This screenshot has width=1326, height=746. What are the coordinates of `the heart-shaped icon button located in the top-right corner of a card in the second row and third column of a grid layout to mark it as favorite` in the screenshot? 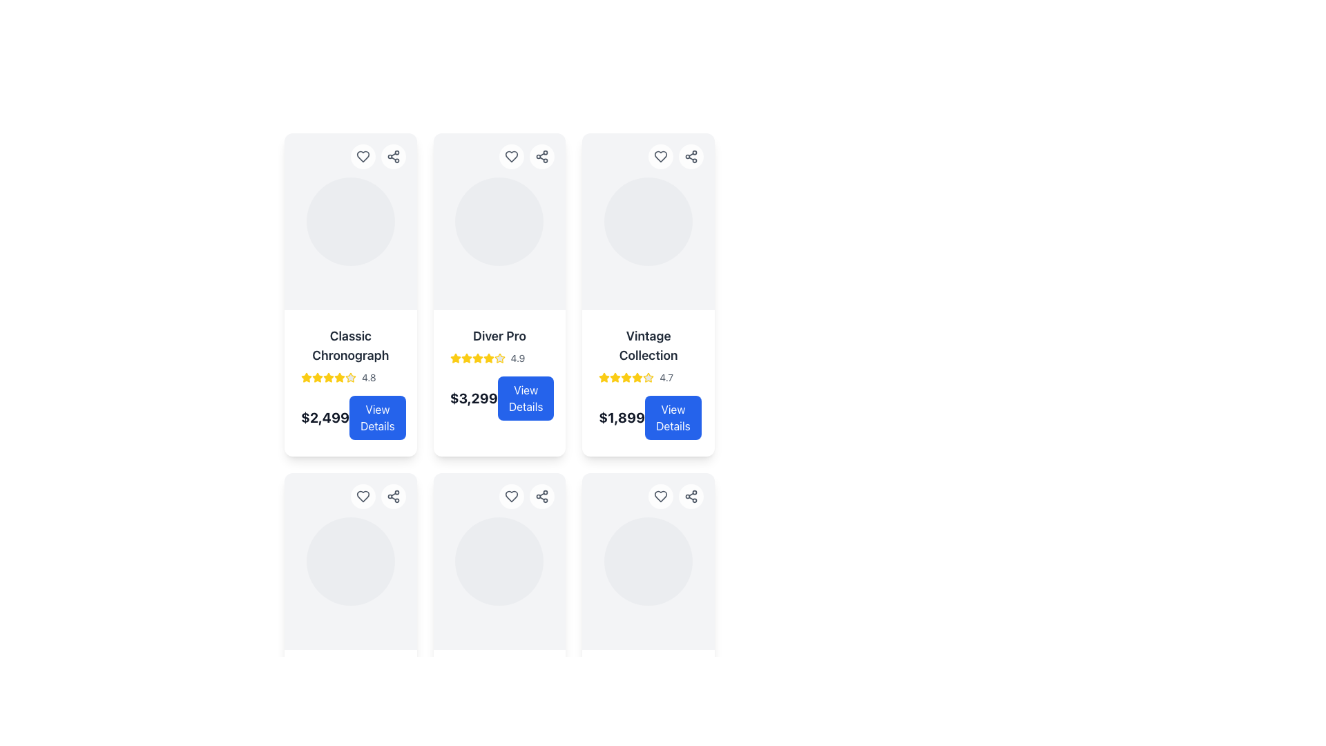 It's located at (660, 495).